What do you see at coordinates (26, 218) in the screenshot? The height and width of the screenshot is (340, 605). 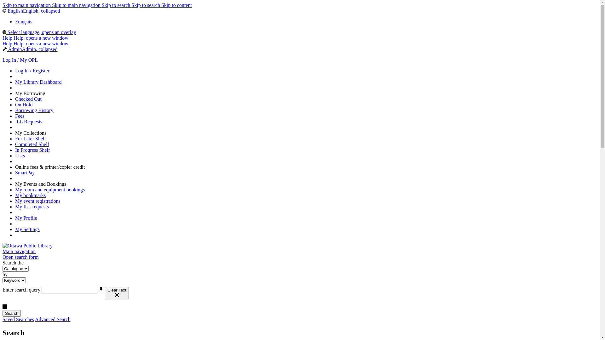 I see `'My Profile'` at bounding box center [26, 218].